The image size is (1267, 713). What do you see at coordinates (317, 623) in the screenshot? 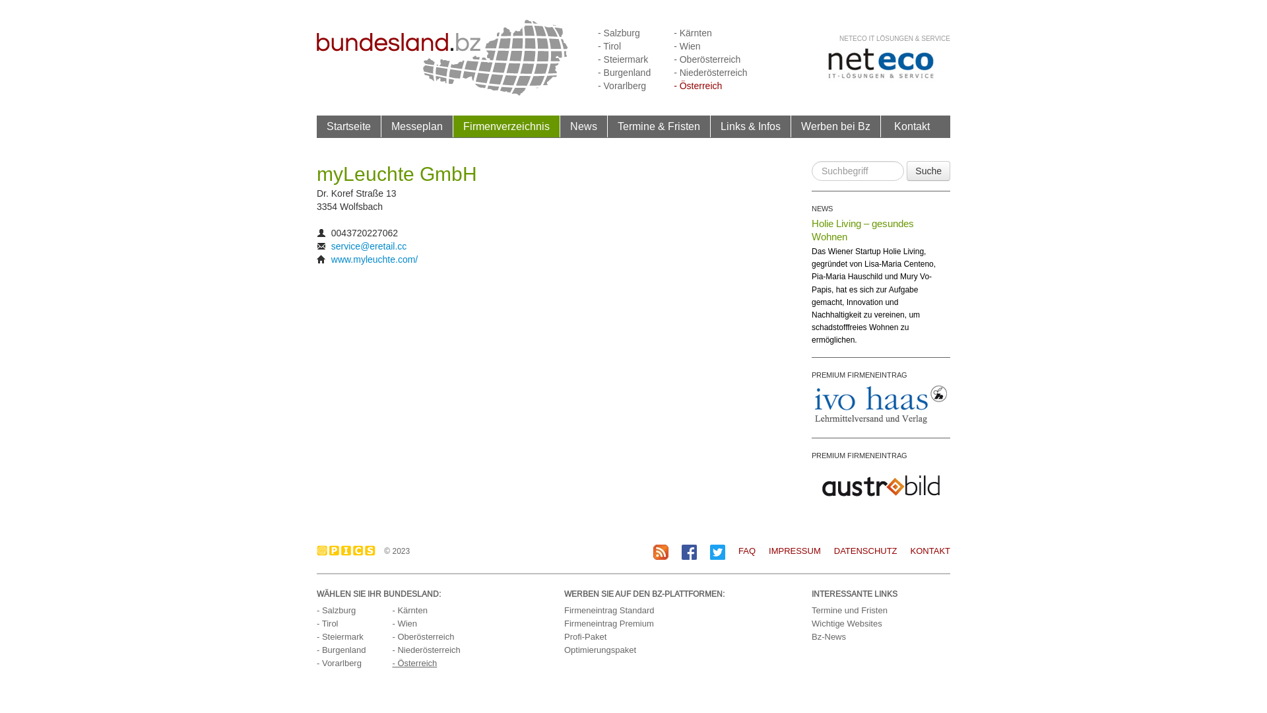
I see `'- Tirol'` at bounding box center [317, 623].